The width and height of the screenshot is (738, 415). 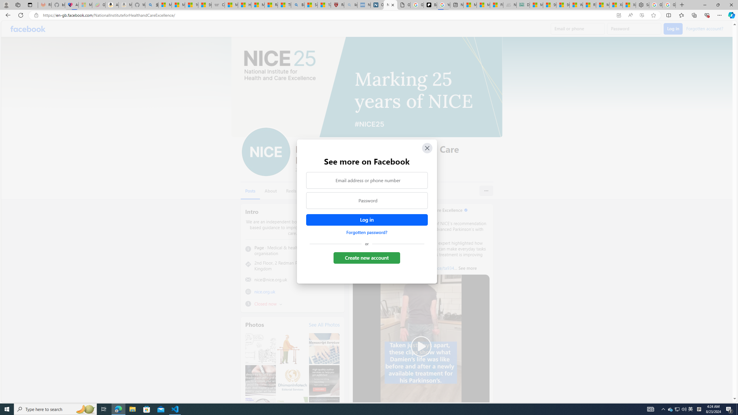 I want to click on 'Create new account', so click(x=367, y=257).